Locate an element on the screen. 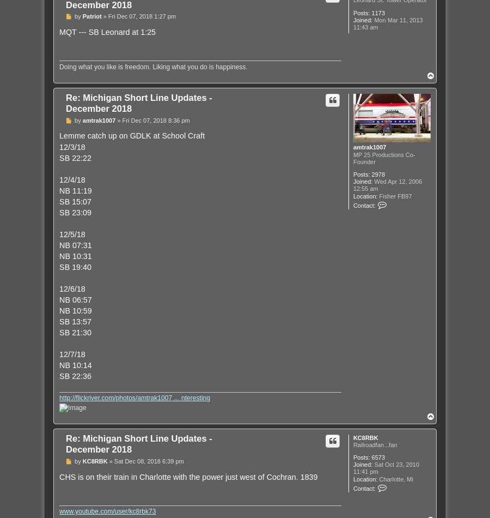 This screenshot has width=490, height=518. 'NB 10:59' is located at coordinates (75, 310).